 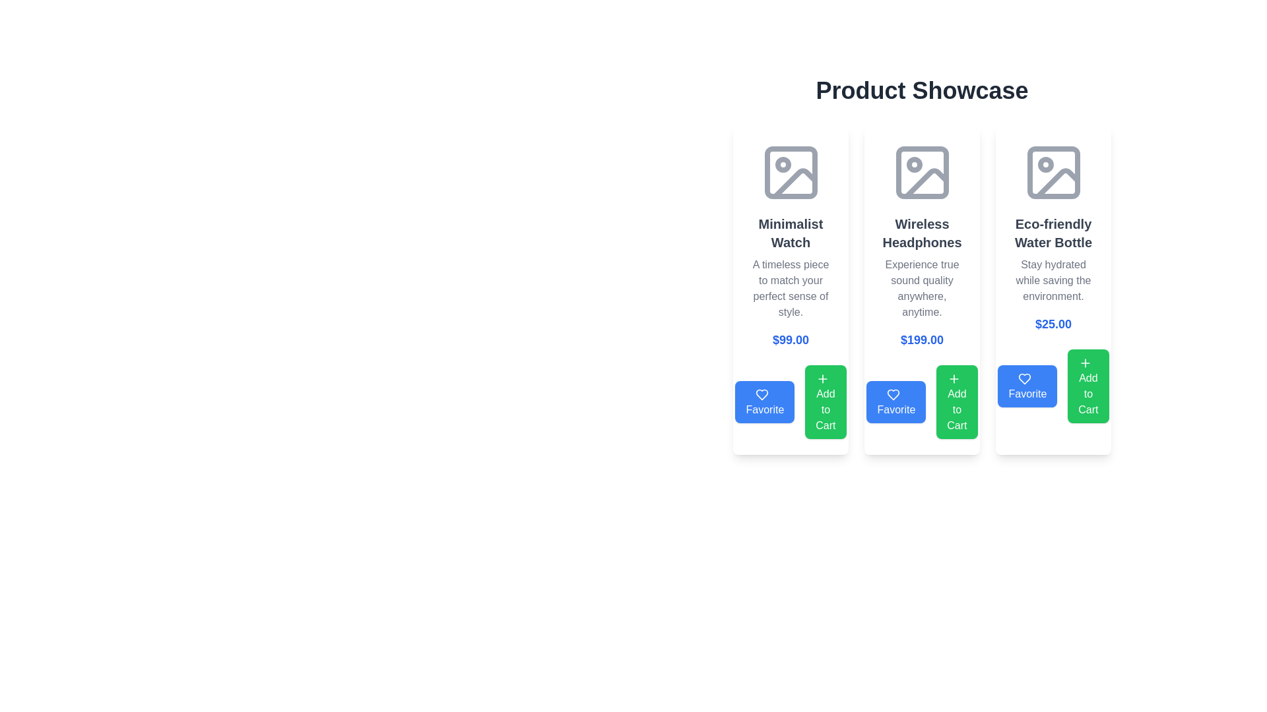 What do you see at coordinates (1053, 324) in the screenshot?
I see `the price indicator text label displaying '$25.00' in a blue, bold, and large font, located beneath the product description for 'Eco-friendly Water Bottle'` at bounding box center [1053, 324].